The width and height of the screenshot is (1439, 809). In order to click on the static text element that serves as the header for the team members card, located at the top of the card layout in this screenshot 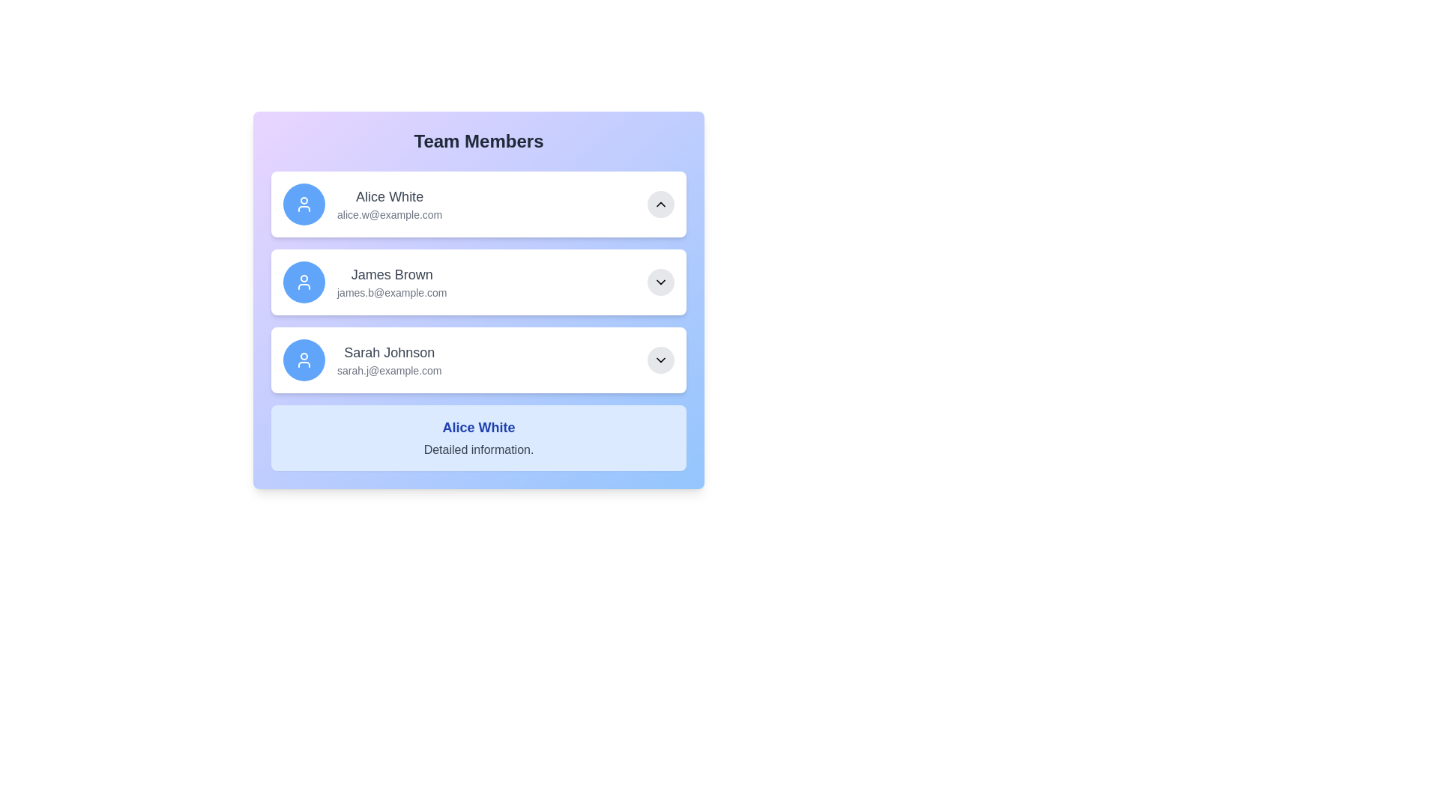, I will do `click(477, 142)`.